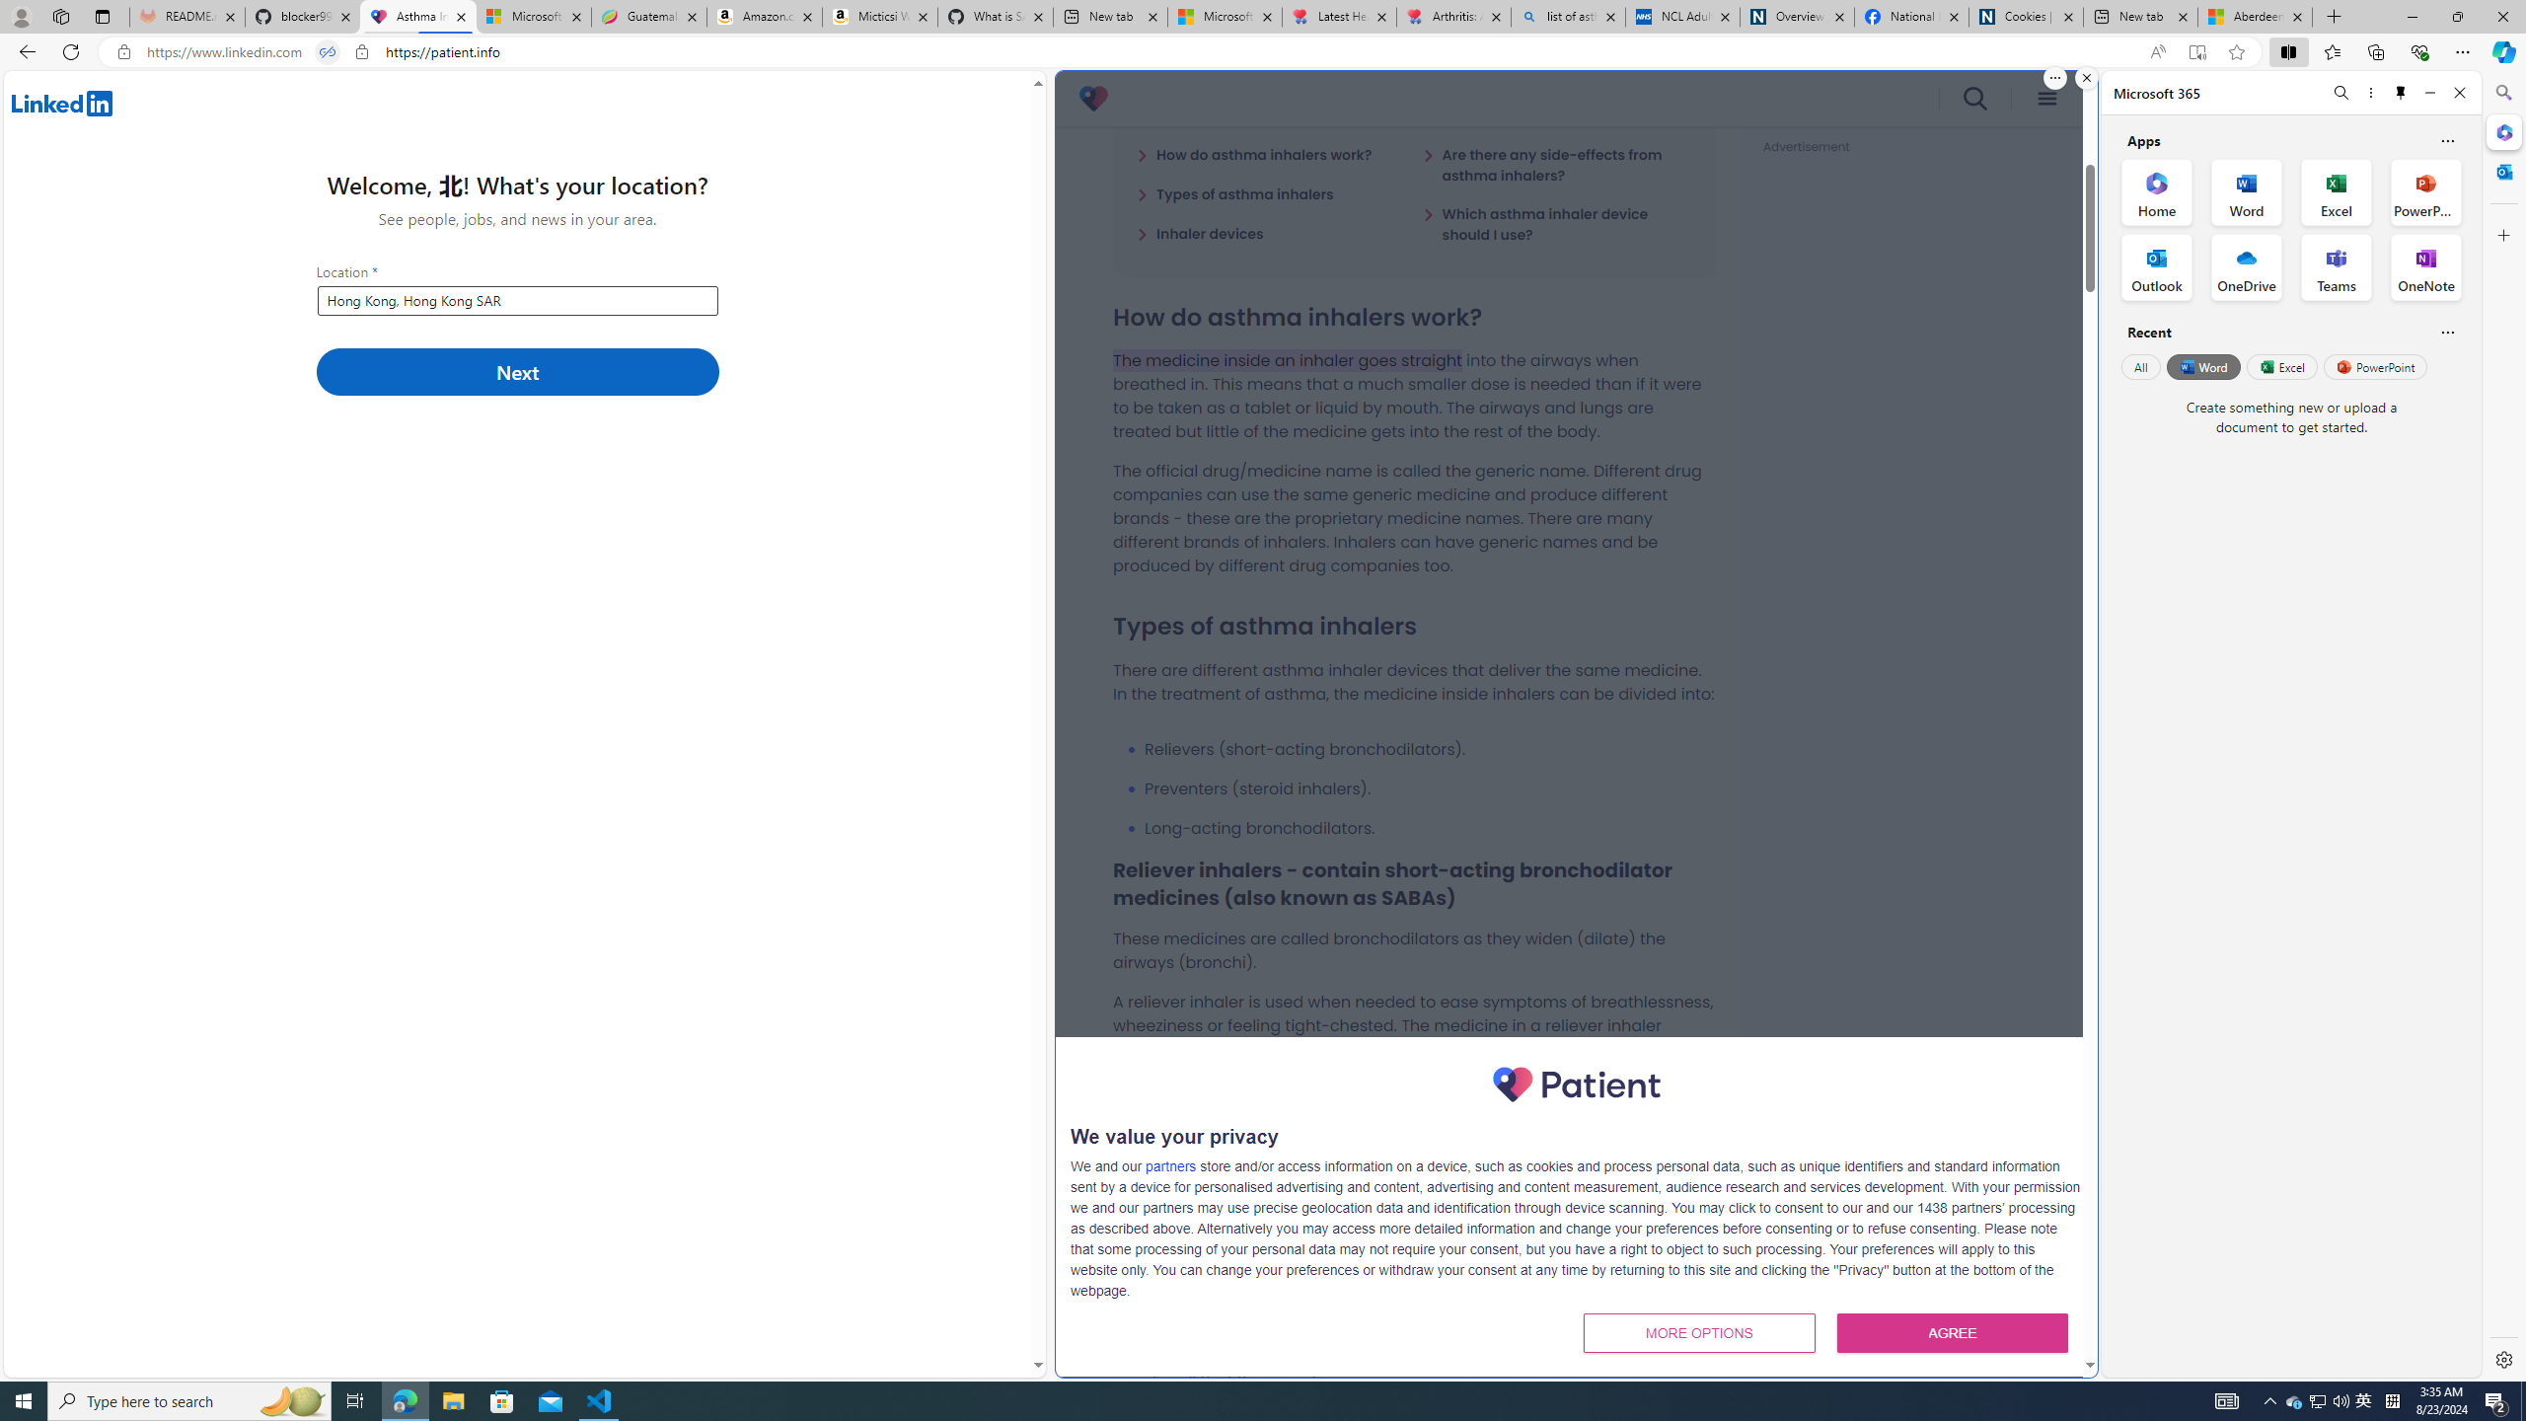 This screenshot has width=2526, height=1421. I want to click on 'MORE OPTIONS', so click(1698, 1331).